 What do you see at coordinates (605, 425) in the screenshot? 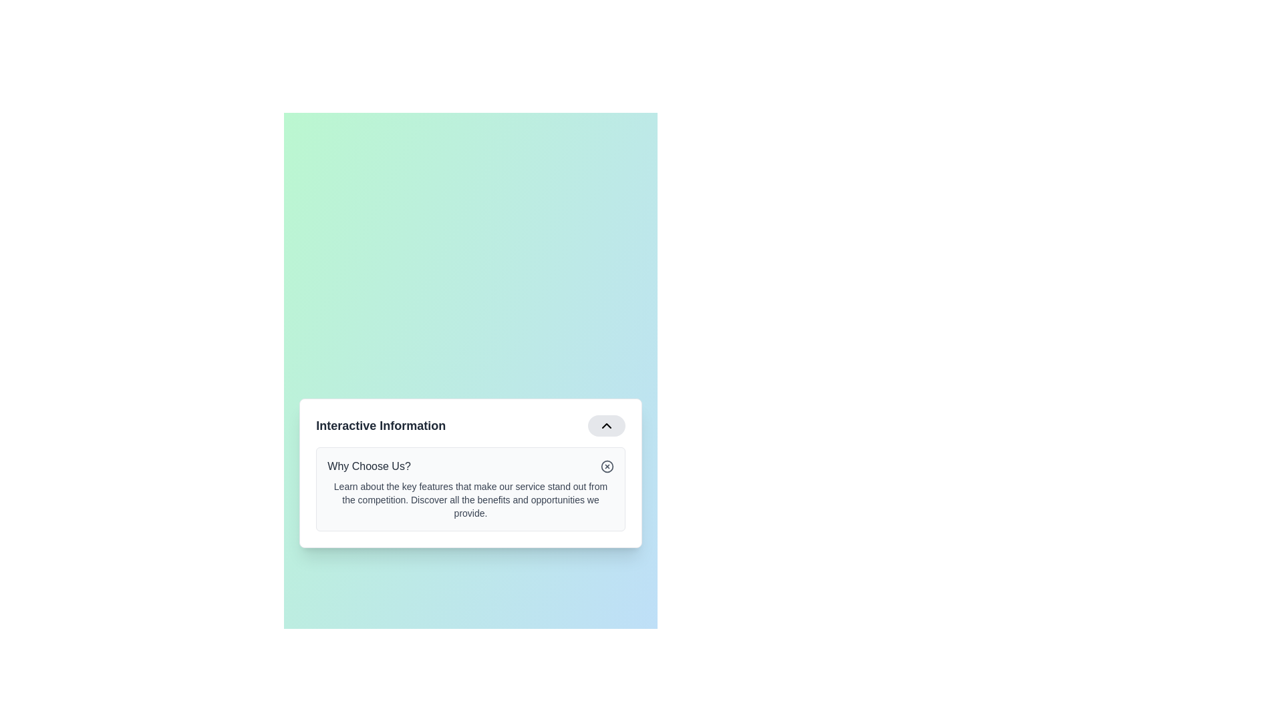
I see `the small, black downward-pointing chevron icon in the top-right region of the rounded rectangular button within the 'Interactive Information' section of the content card` at bounding box center [605, 425].